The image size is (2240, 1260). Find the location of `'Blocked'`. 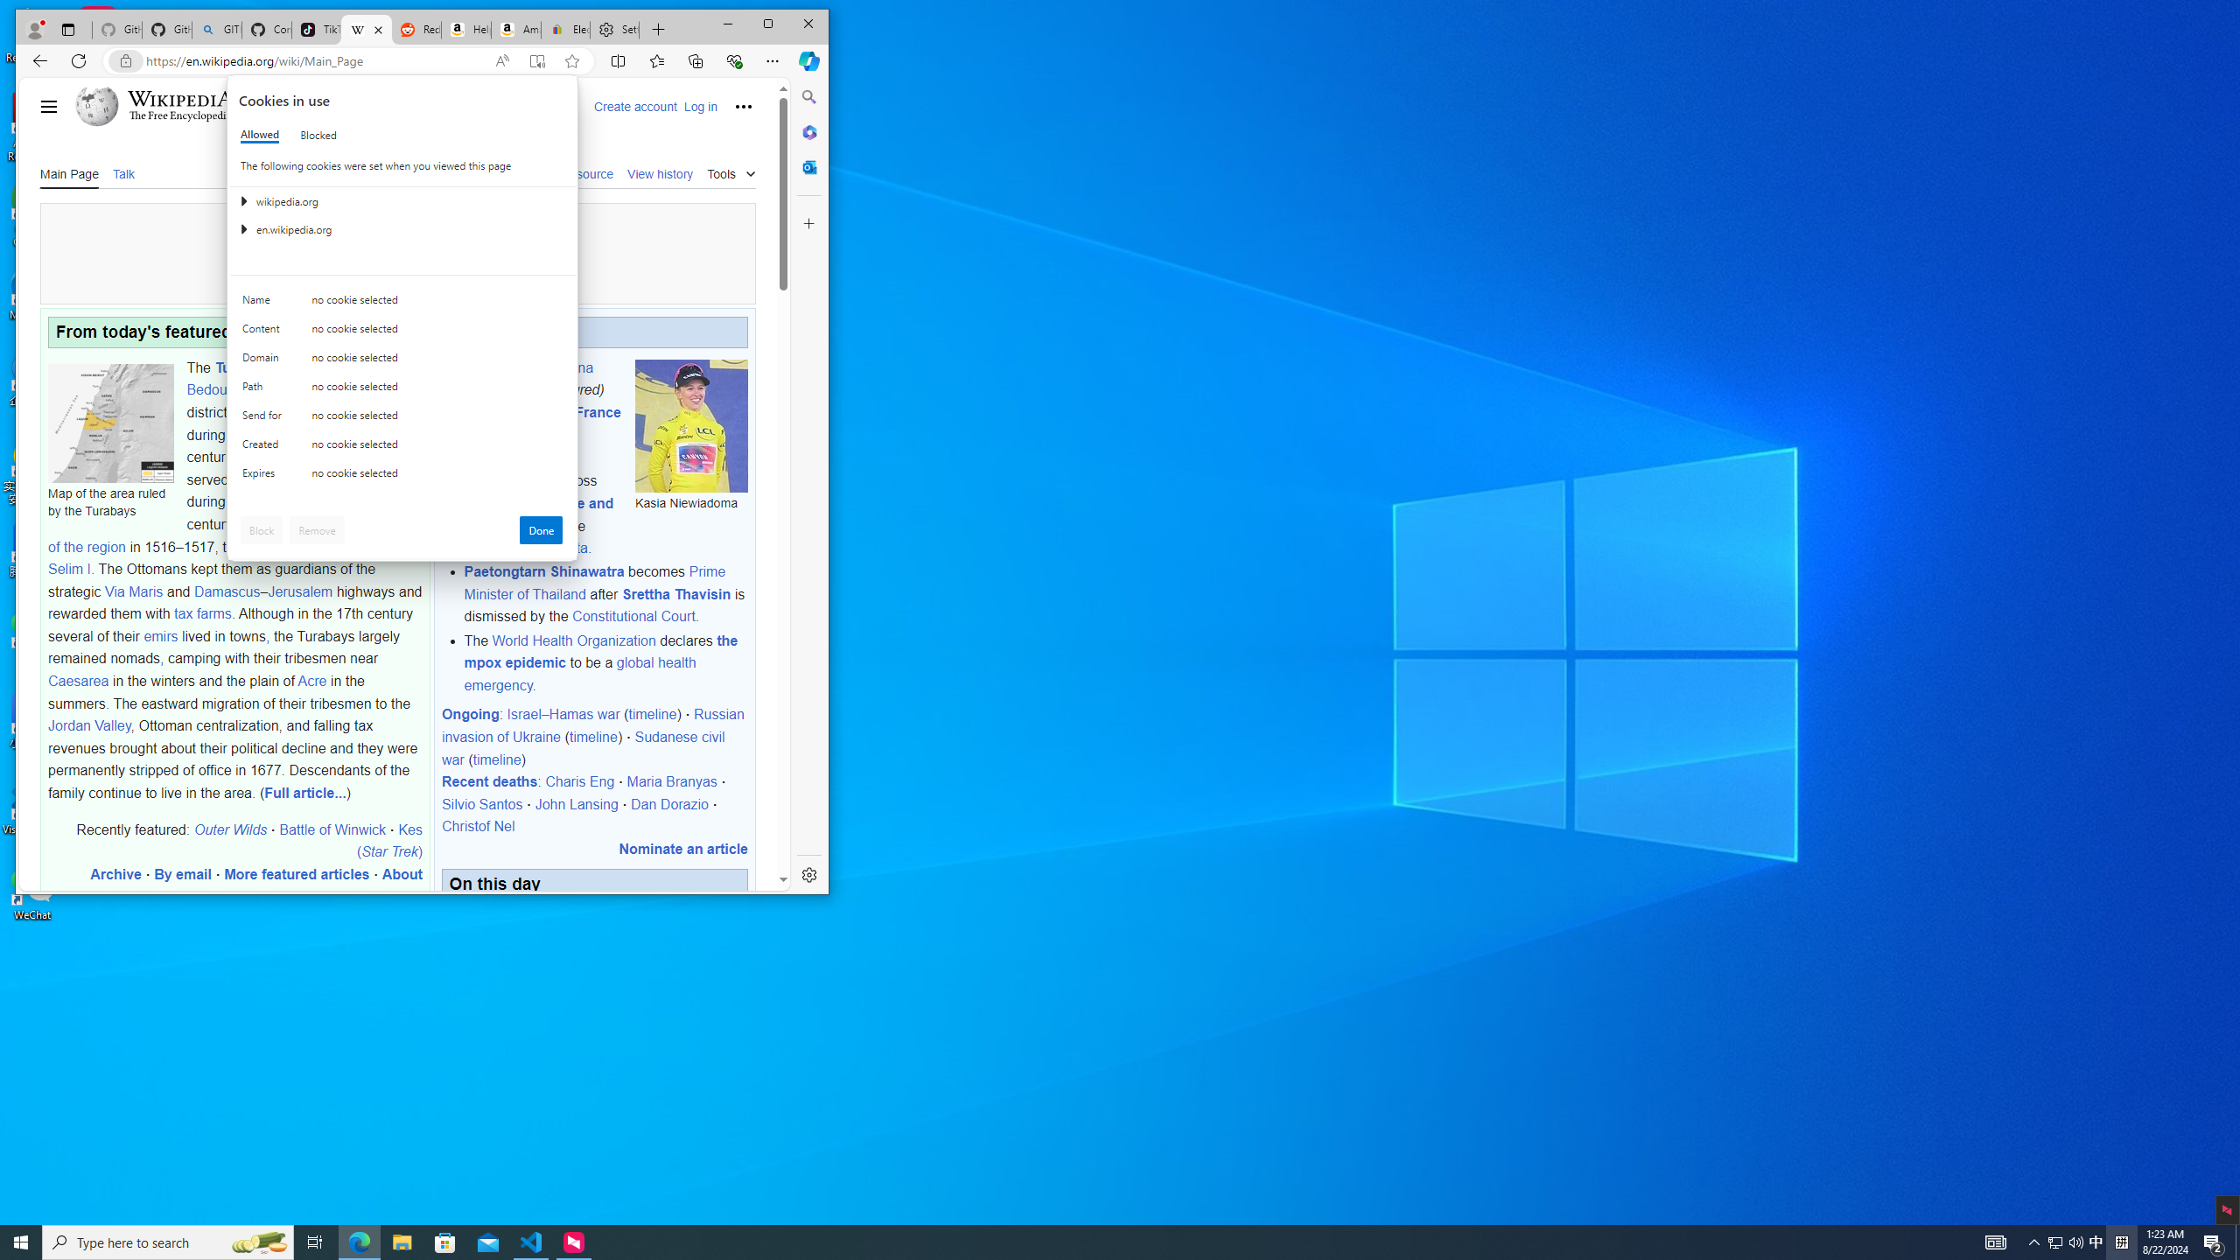

'Blocked' is located at coordinates (317, 134).